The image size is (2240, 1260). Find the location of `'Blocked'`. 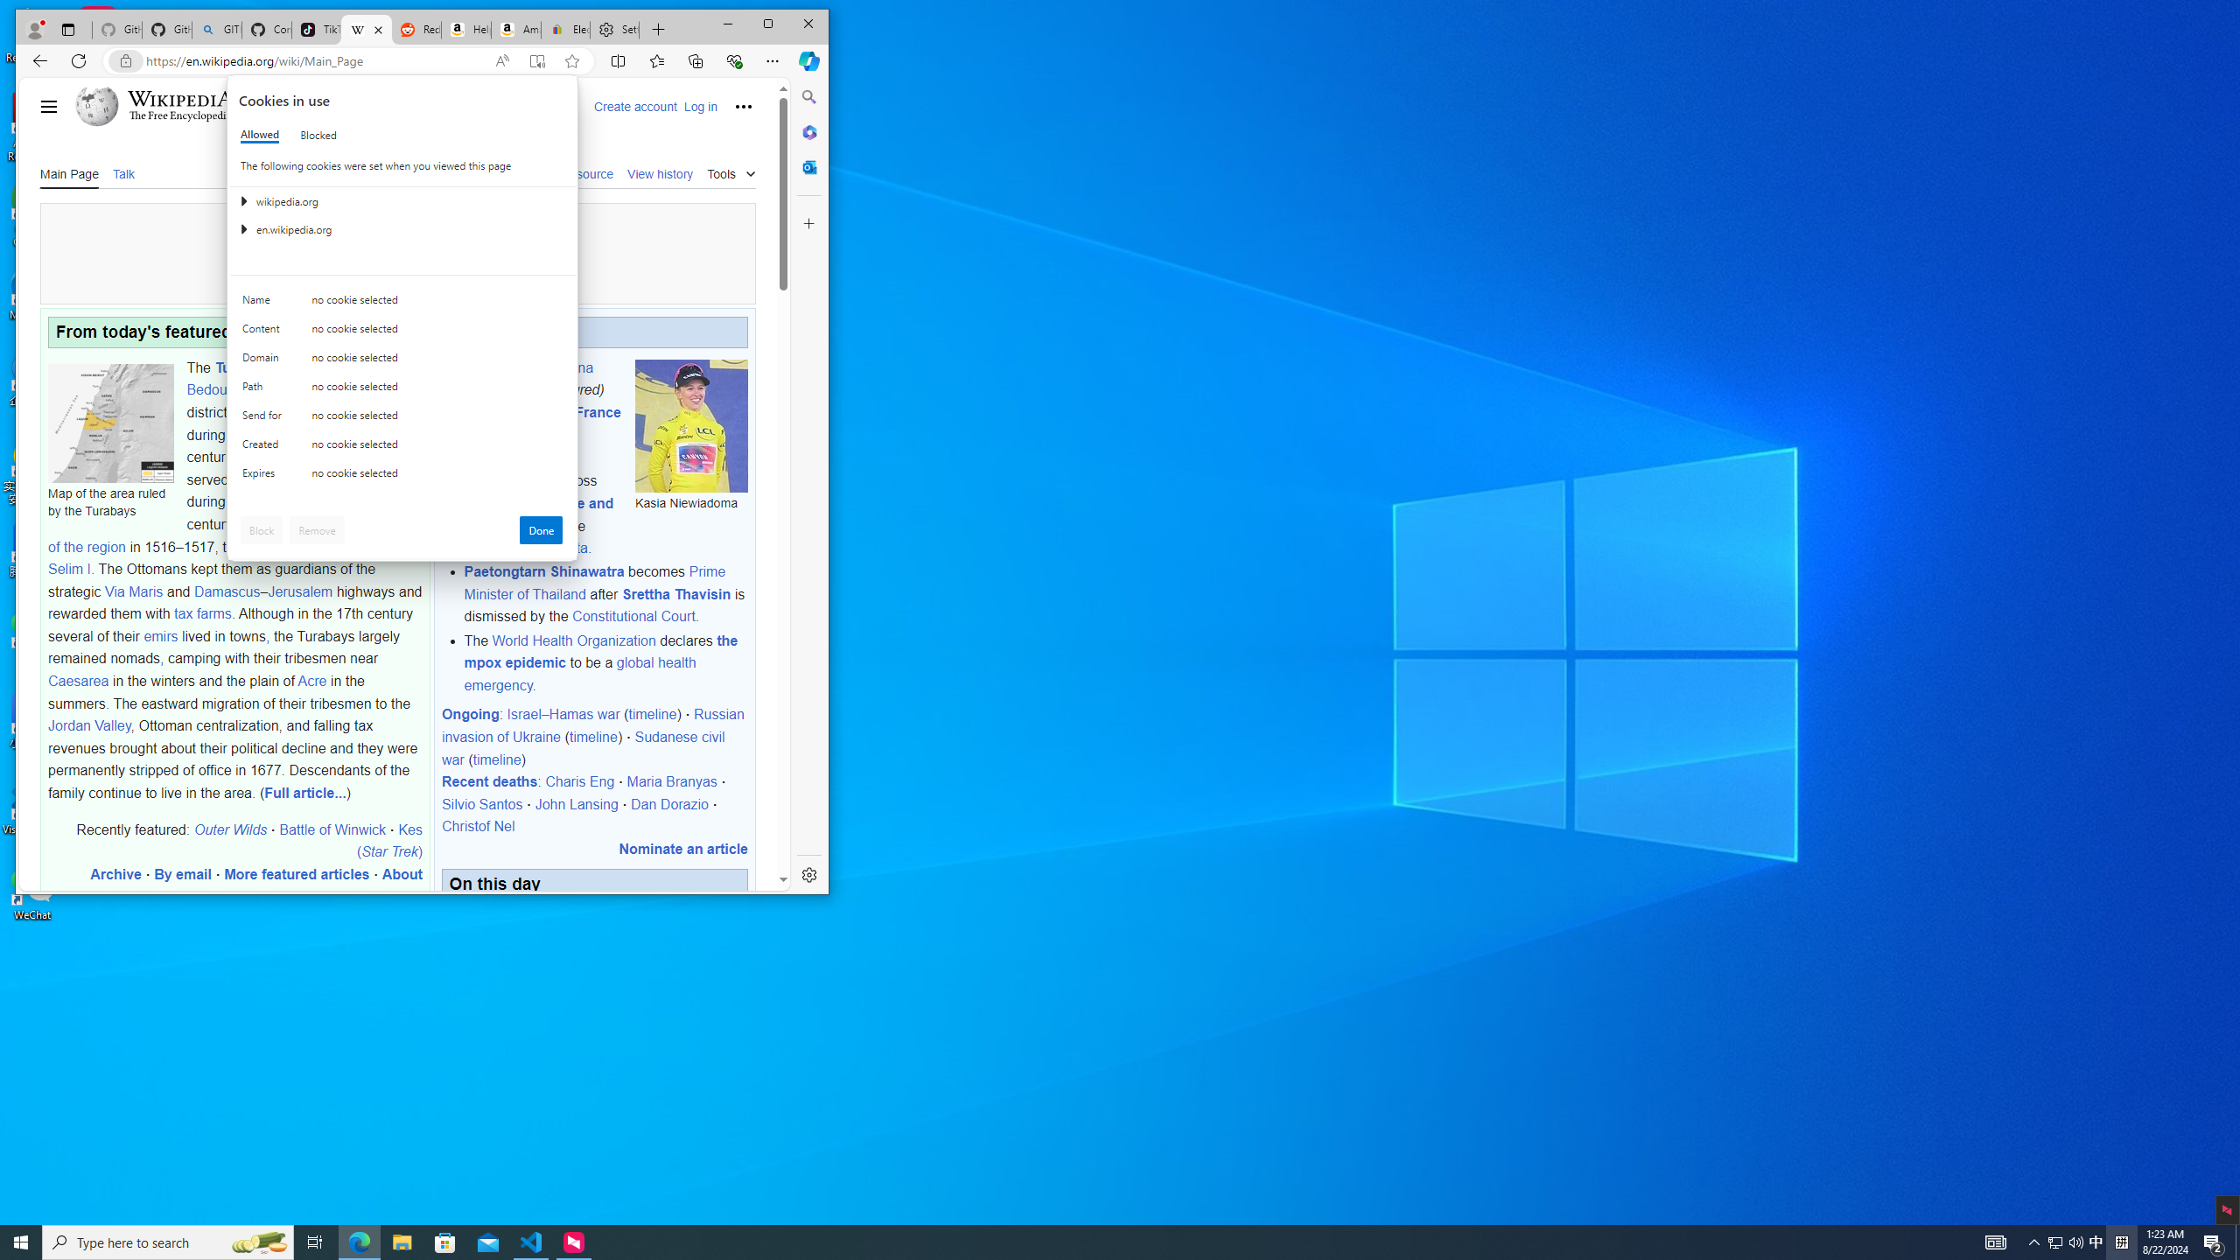

'Blocked' is located at coordinates (317, 134).